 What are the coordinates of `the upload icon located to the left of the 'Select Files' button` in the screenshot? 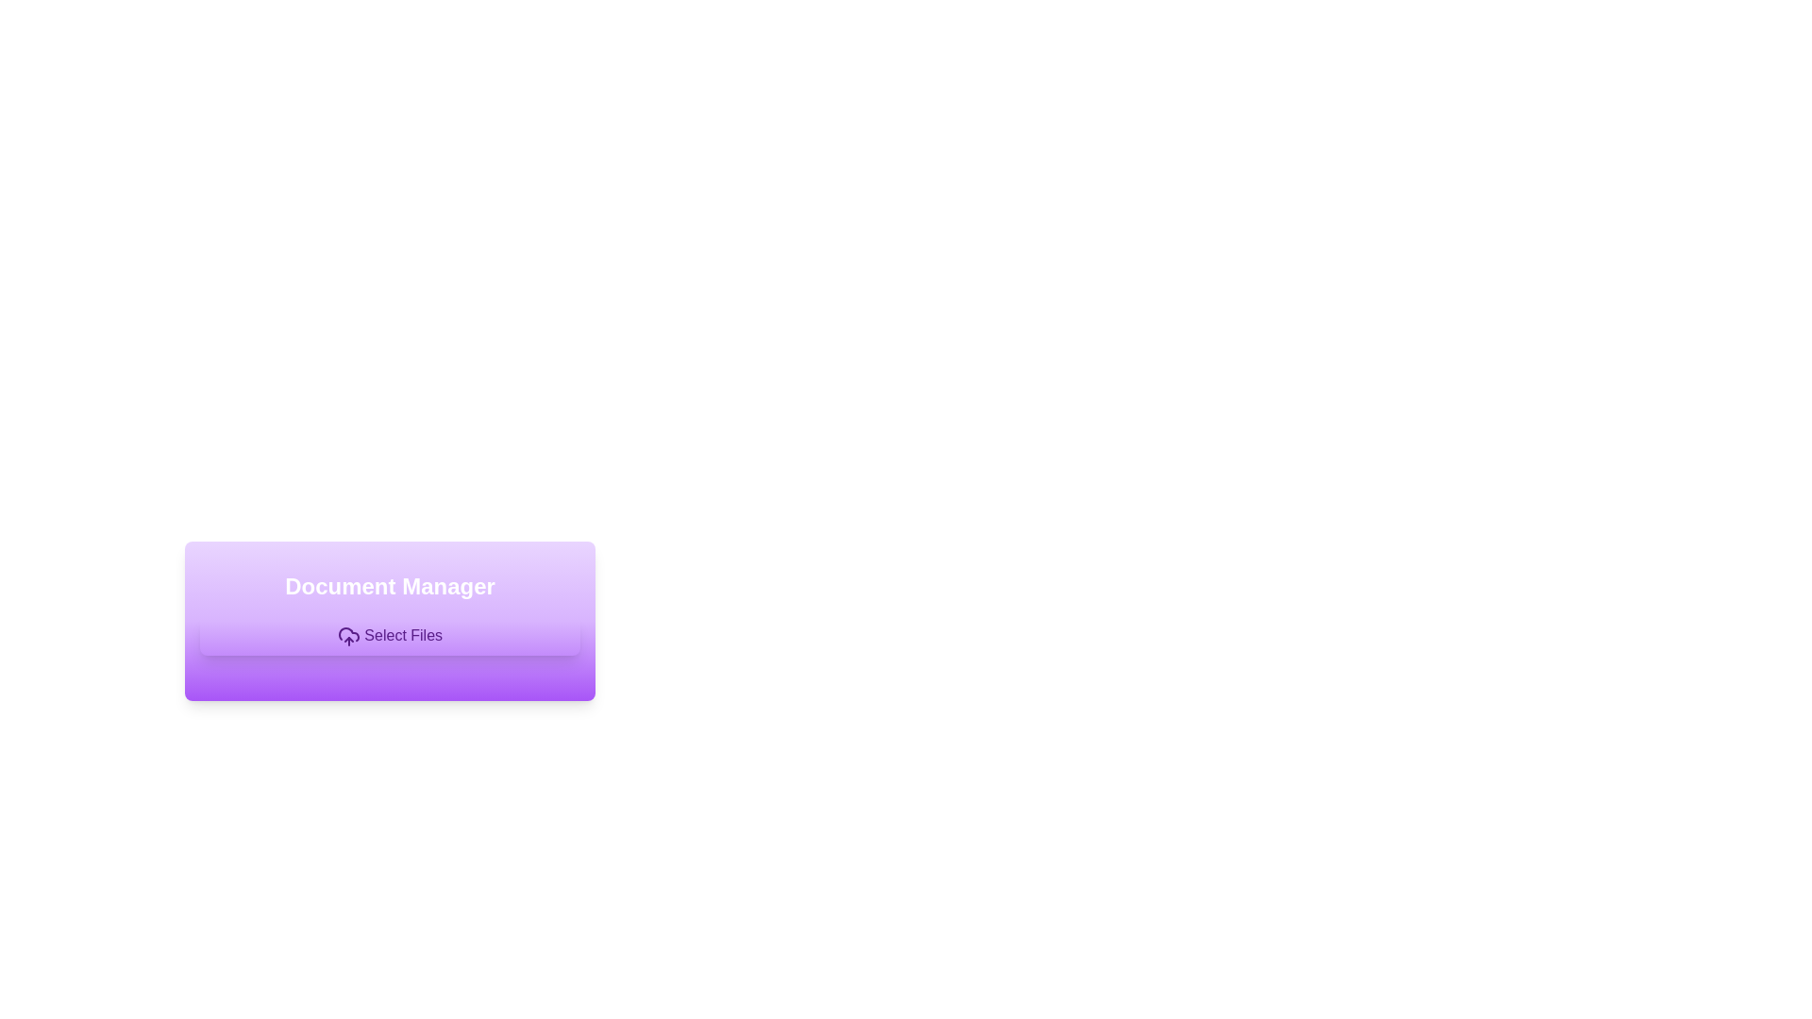 It's located at (348, 636).